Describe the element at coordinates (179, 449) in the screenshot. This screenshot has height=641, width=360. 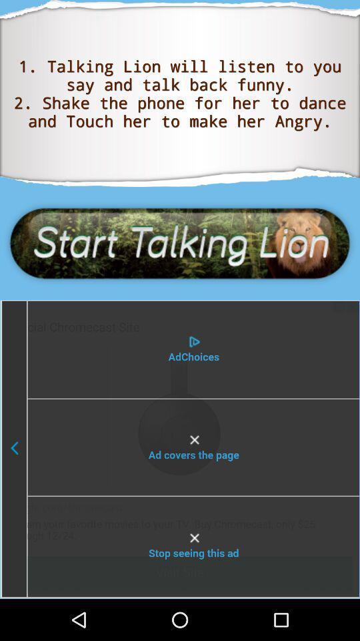
I see `switch autoplay option` at that location.